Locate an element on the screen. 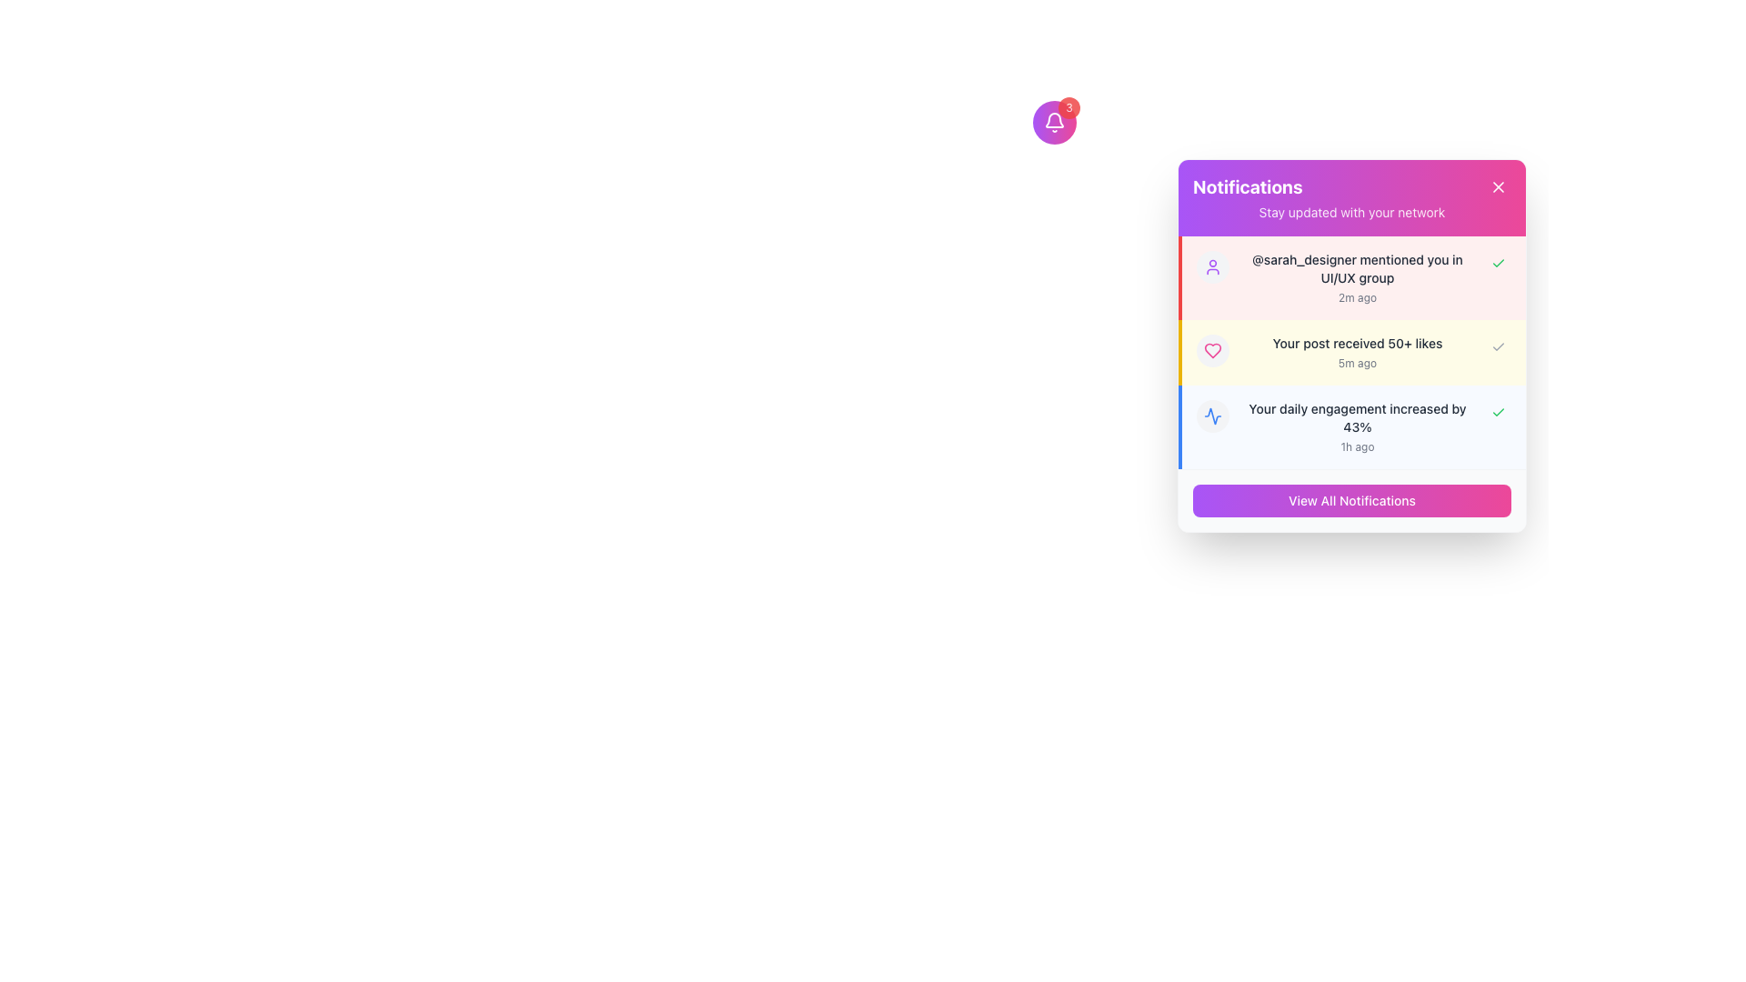 This screenshot has width=1746, height=982. the text label that indicates the relative time of the notification 'Your daily engagement increased by 43%' located at the bottom of the notifications panel is located at coordinates (1357, 447).